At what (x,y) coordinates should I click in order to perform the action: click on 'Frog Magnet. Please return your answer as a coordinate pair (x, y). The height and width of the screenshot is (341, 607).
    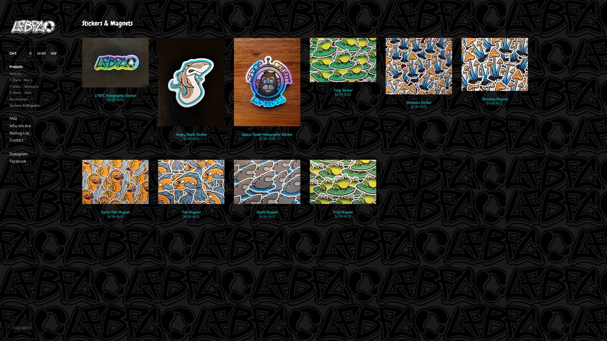
    Looking at the image, I should click on (342, 193).